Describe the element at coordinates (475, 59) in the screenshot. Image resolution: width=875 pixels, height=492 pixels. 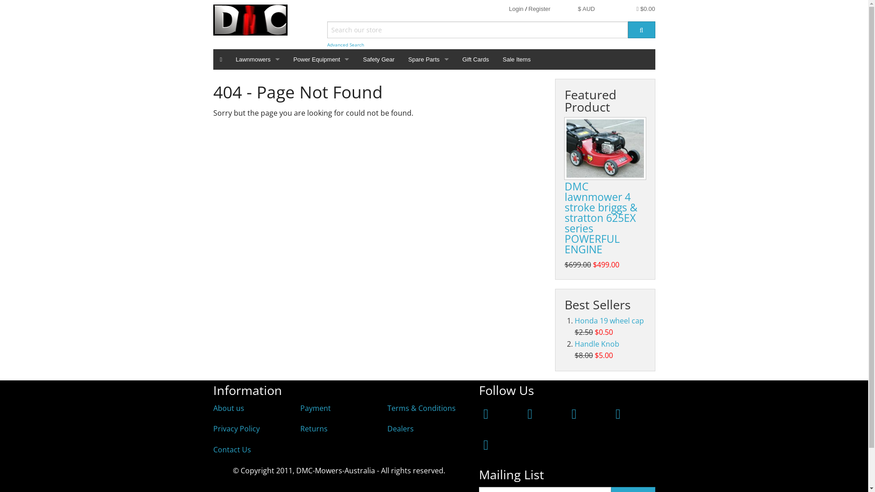
I see `'Gift Cards'` at that location.